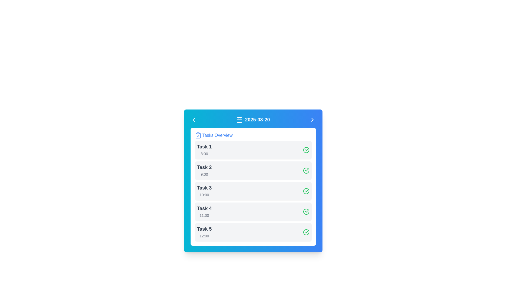 The width and height of the screenshot is (519, 292). I want to click on circular green check mark icon that indicates a completed status, located on the far-right side of the row displaying 'Task 5' and '12:00', so click(306, 232).